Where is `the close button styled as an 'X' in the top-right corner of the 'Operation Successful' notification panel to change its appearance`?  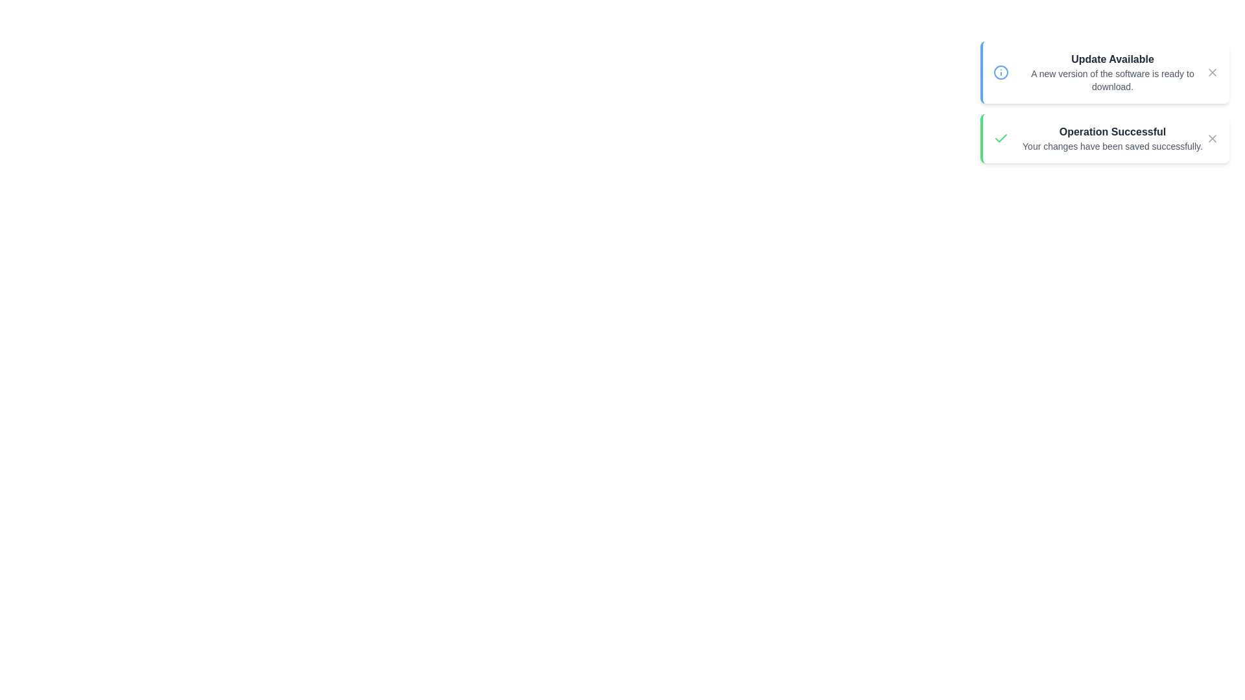 the close button styled as an 'X' in the top-right corner of the 'Operation Successful' notification panel to change its appearance is located at coordinates (1212, 138).